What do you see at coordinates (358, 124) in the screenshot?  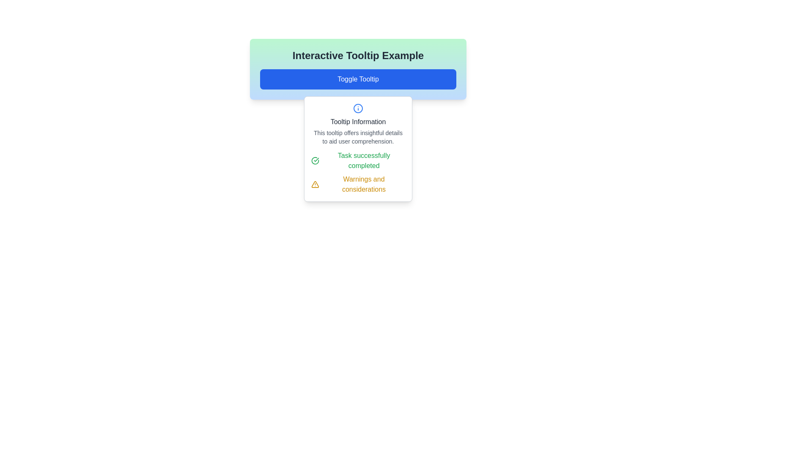 I see `text content of the informational tooltip section, which is centrally located below the blue 'Toggle Tooltip' button and above the 'Task successfully completed' and 'Warnings and considerations' entries` at bounding box center [358, 124].